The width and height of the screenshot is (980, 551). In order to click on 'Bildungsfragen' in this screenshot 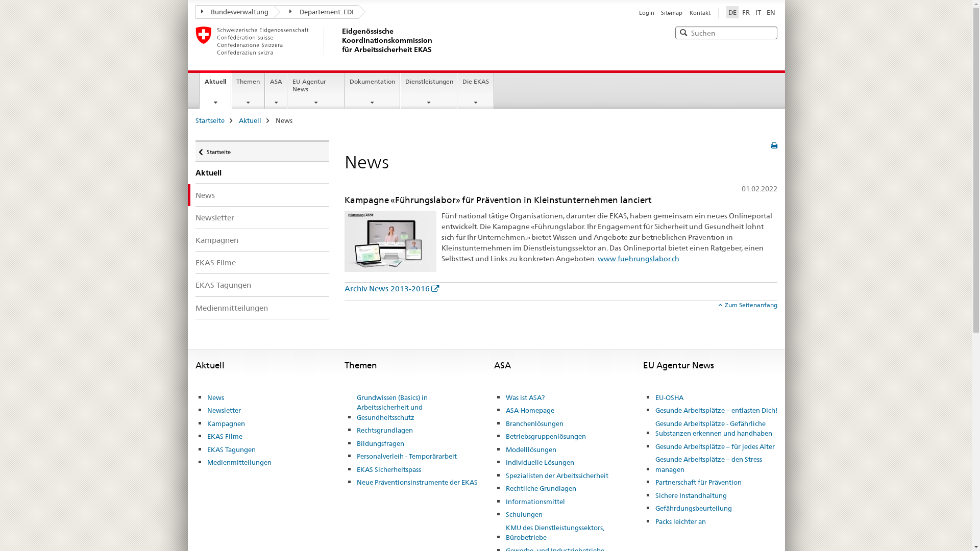, I will do `click(379, 443)`.